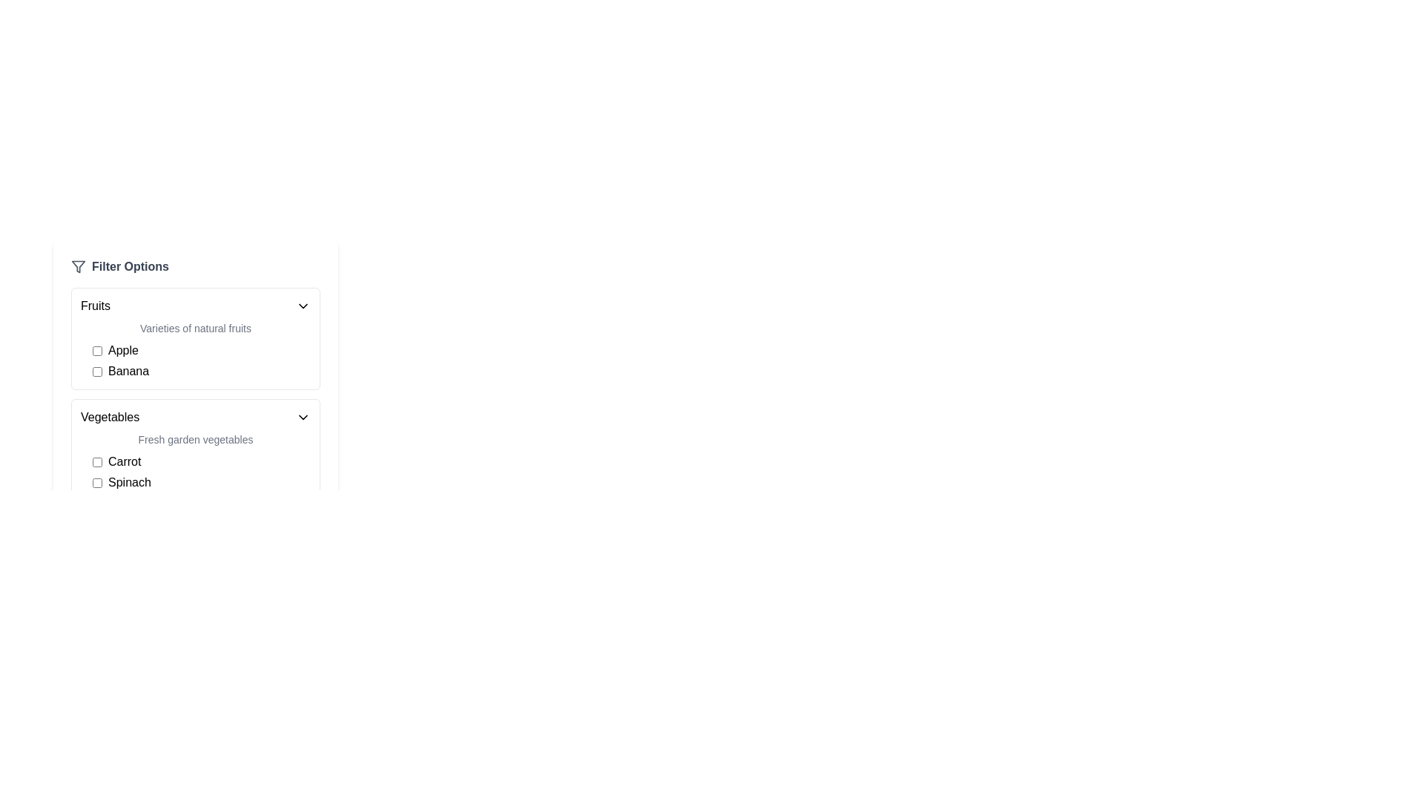 Image resolution: width=1424 pixels, height=801 pixels. What do you see at coordinates (96, 483) in the screenshot?
I see `the 'Spinach' checkbox in the vertical list under 'Vegetables'` at bounding box center [96, 483].